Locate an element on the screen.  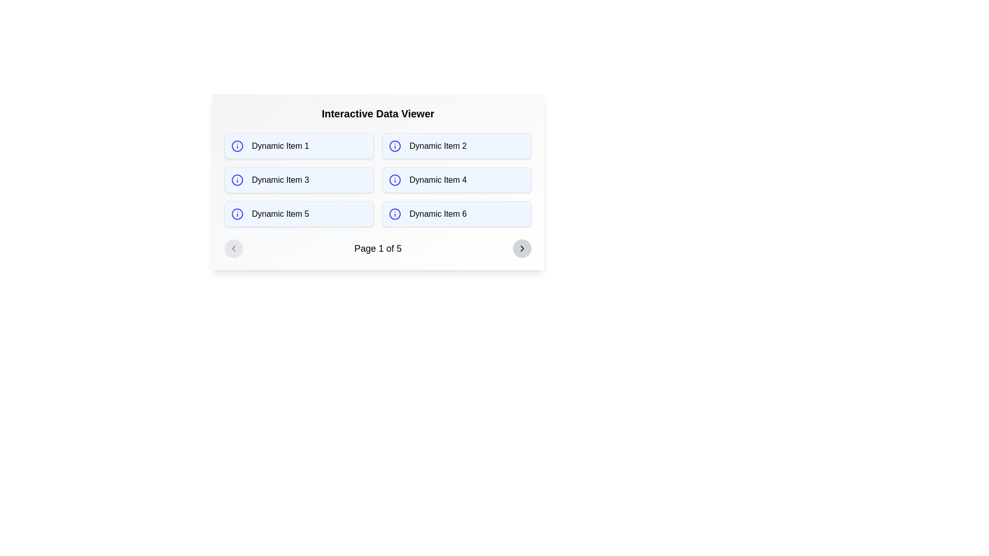
the circular gray button with a left-pointing chevron at the bottom-left of the paging information, if it is enabled is located at coordinates (233, 248).